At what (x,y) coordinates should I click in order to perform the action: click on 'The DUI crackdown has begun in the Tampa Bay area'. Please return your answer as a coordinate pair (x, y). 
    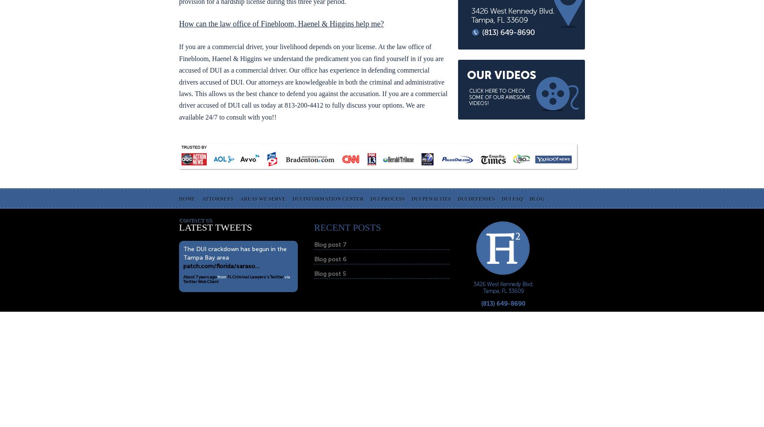
    Looking at the image, I should click on (182, 253).